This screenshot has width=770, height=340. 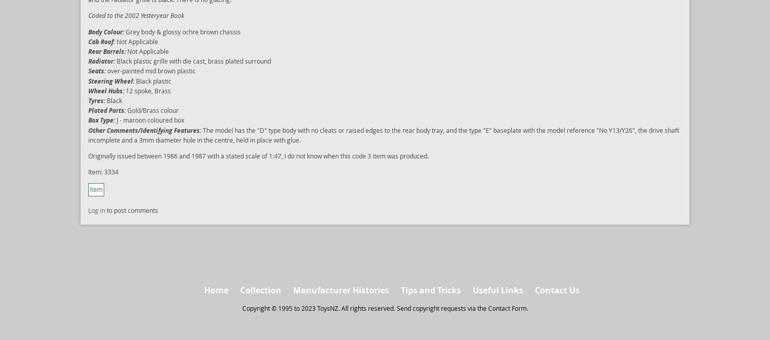 What do you see at coordinates (258, 155) in the screenshot?
I see `'Originally issued between 1986 and 1987 with a stated scale of 1:47, I do not know when this code 3 item was produced.'` at bounding box center [258, 155].